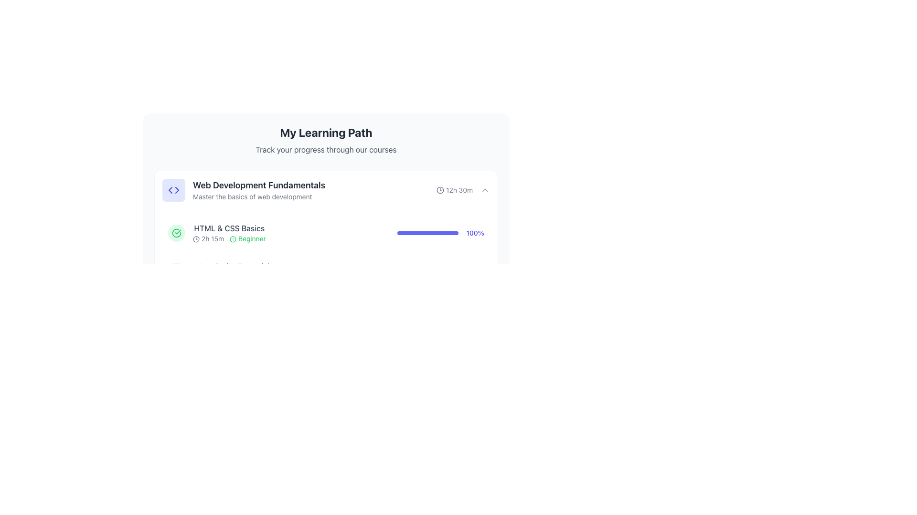  Describe the element at coordinates (475, 233) in the screenshot. I see `the static text label displaying '100%' which indicates the completed status of a progress tracker, located adjacent to the right edge of the progress bar` at that location.